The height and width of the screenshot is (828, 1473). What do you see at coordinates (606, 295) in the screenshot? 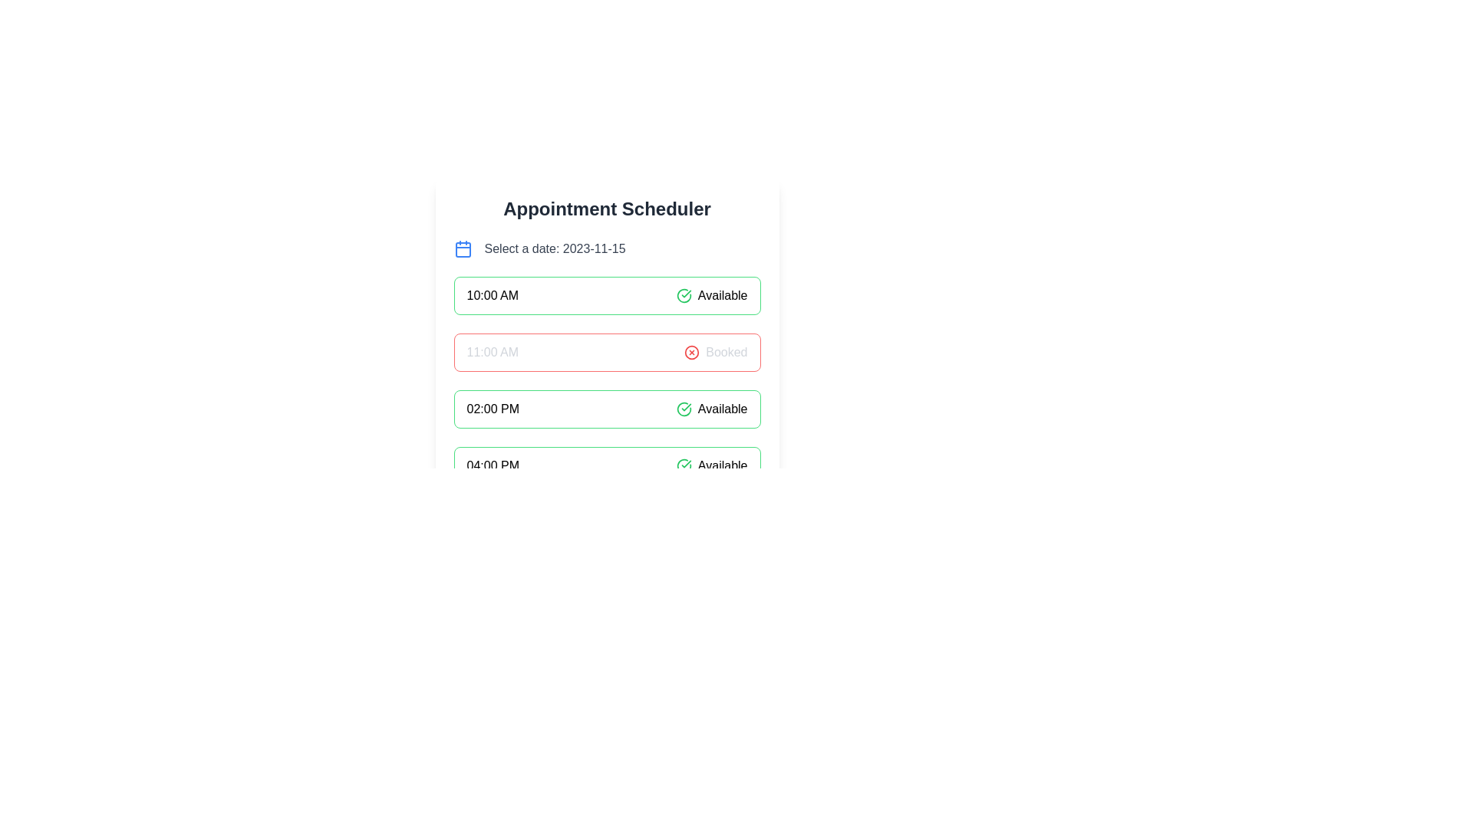
I see `the selectable time slot button at the top of the list in the appointment scheduler interface` at bounding box center [606, 295].